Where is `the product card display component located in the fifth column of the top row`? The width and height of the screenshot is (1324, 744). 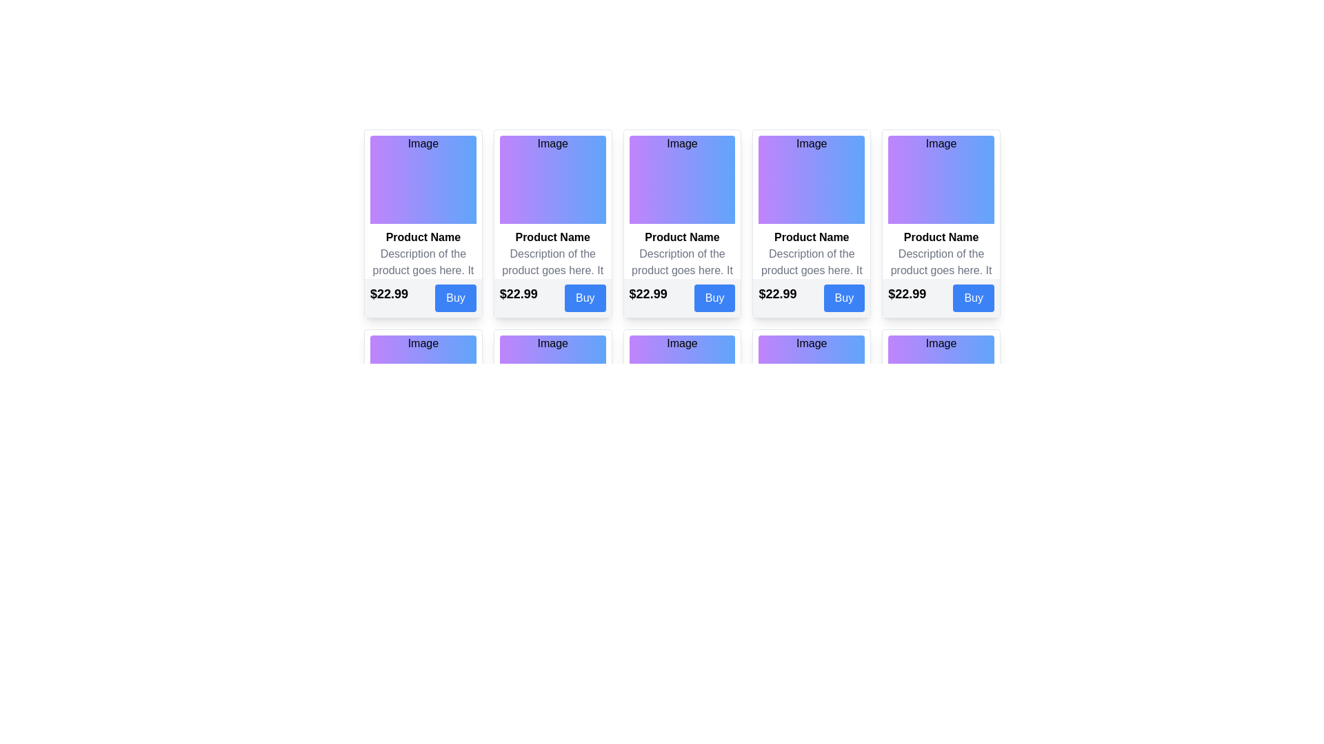
the product card display component located in the fifth column of the top row is located at coordinates (812, 422).